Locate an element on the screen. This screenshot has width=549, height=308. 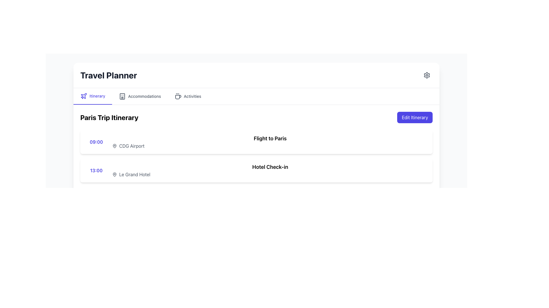
the small light gray map pin icon located to the left of the text 'Le Grand Hotel' is located at coordinates (114, 174).